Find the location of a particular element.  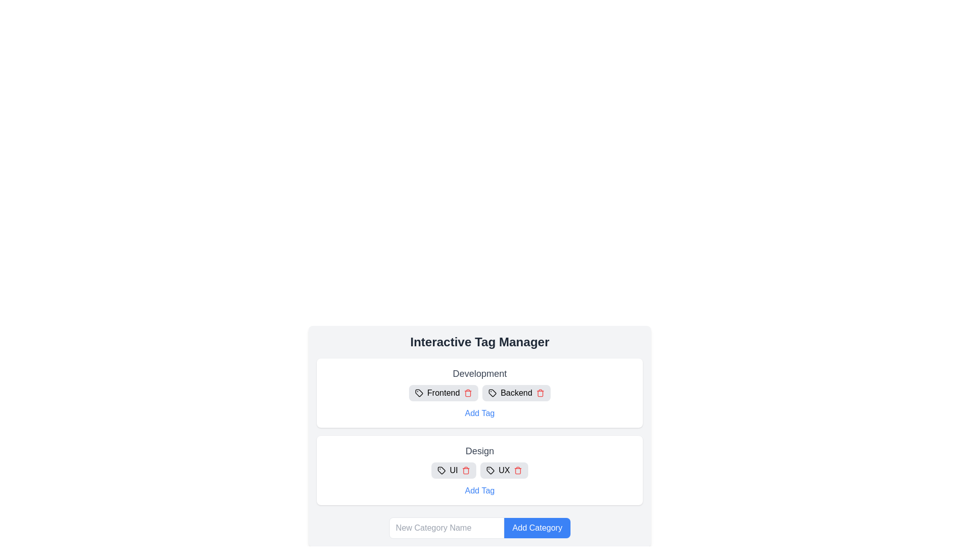

the SVG tag icon located next to the 'Frontend' label in the 'Development' segment, which serves as a decorative identifier for categorization is located at coordinates (419, 392).